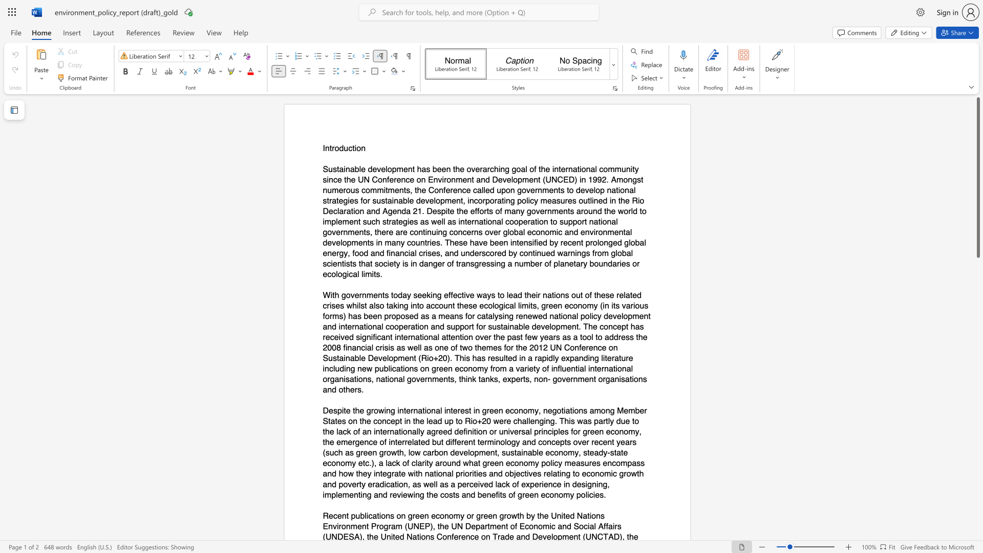 The width and height of the screenshot is (983, 553). What do you see at coordinates (977, 317) in the screenshot?
I see `the right-hand scrollbar to descend the page` at bounding box center [977, 317].